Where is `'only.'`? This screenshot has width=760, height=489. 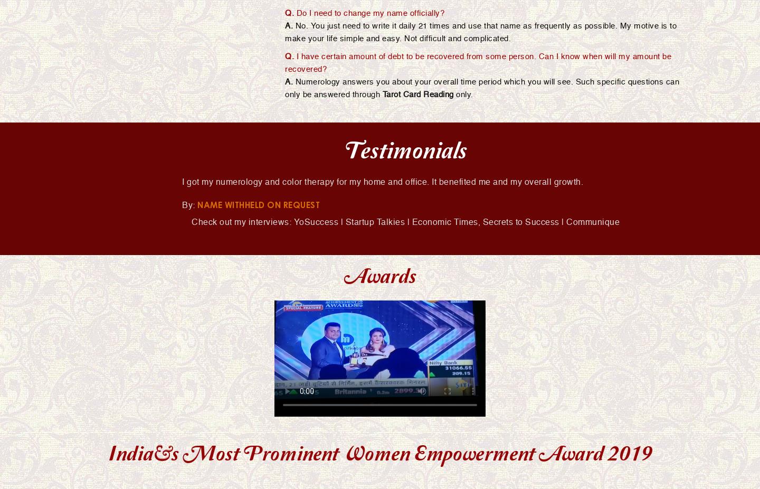
'only.' is located at coordinates (462, 93).